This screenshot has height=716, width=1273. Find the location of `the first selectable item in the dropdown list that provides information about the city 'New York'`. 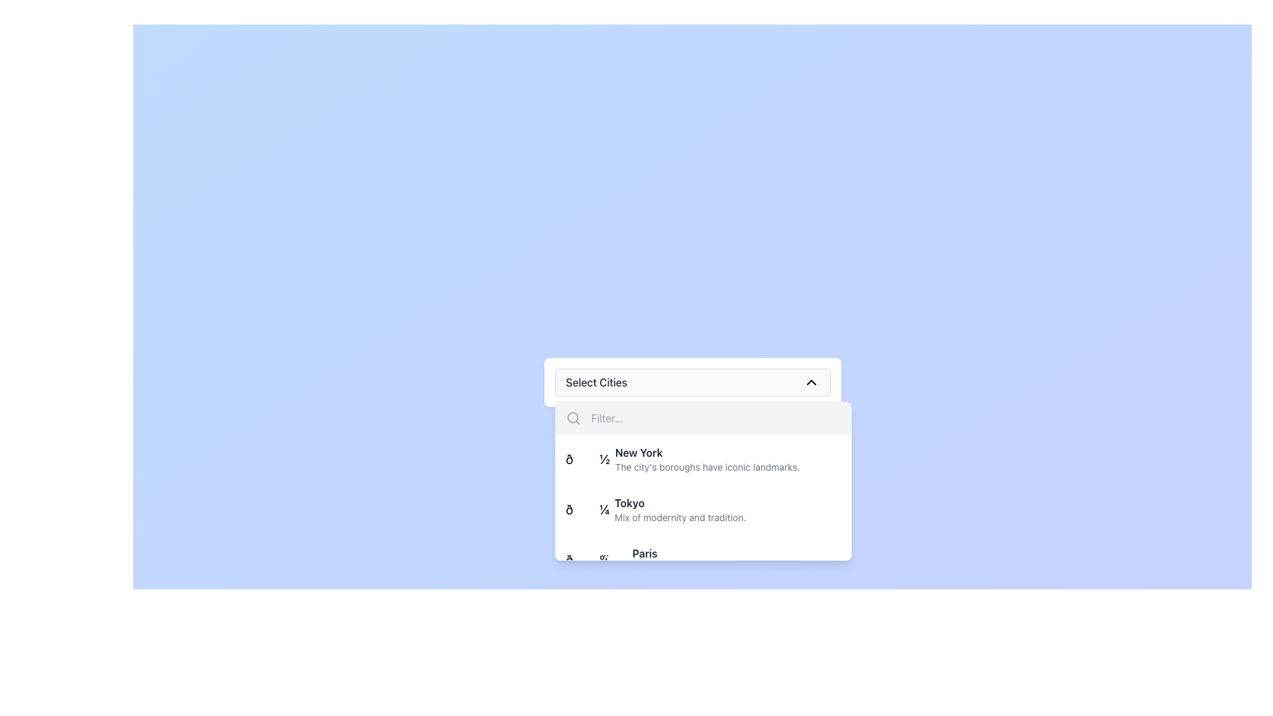

the first selectable item in the dropdown list that provides information about the city 'New York' is located at coordinates (706, 459).